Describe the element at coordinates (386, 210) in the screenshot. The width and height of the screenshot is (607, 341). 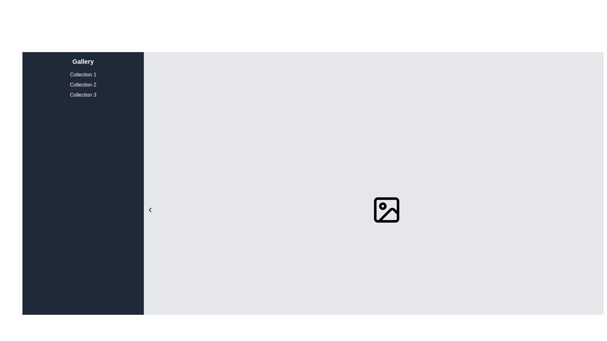
I see `the decorative graphic element that is part of the image icon, located at the top-left segment within the light gray background area` at that location.